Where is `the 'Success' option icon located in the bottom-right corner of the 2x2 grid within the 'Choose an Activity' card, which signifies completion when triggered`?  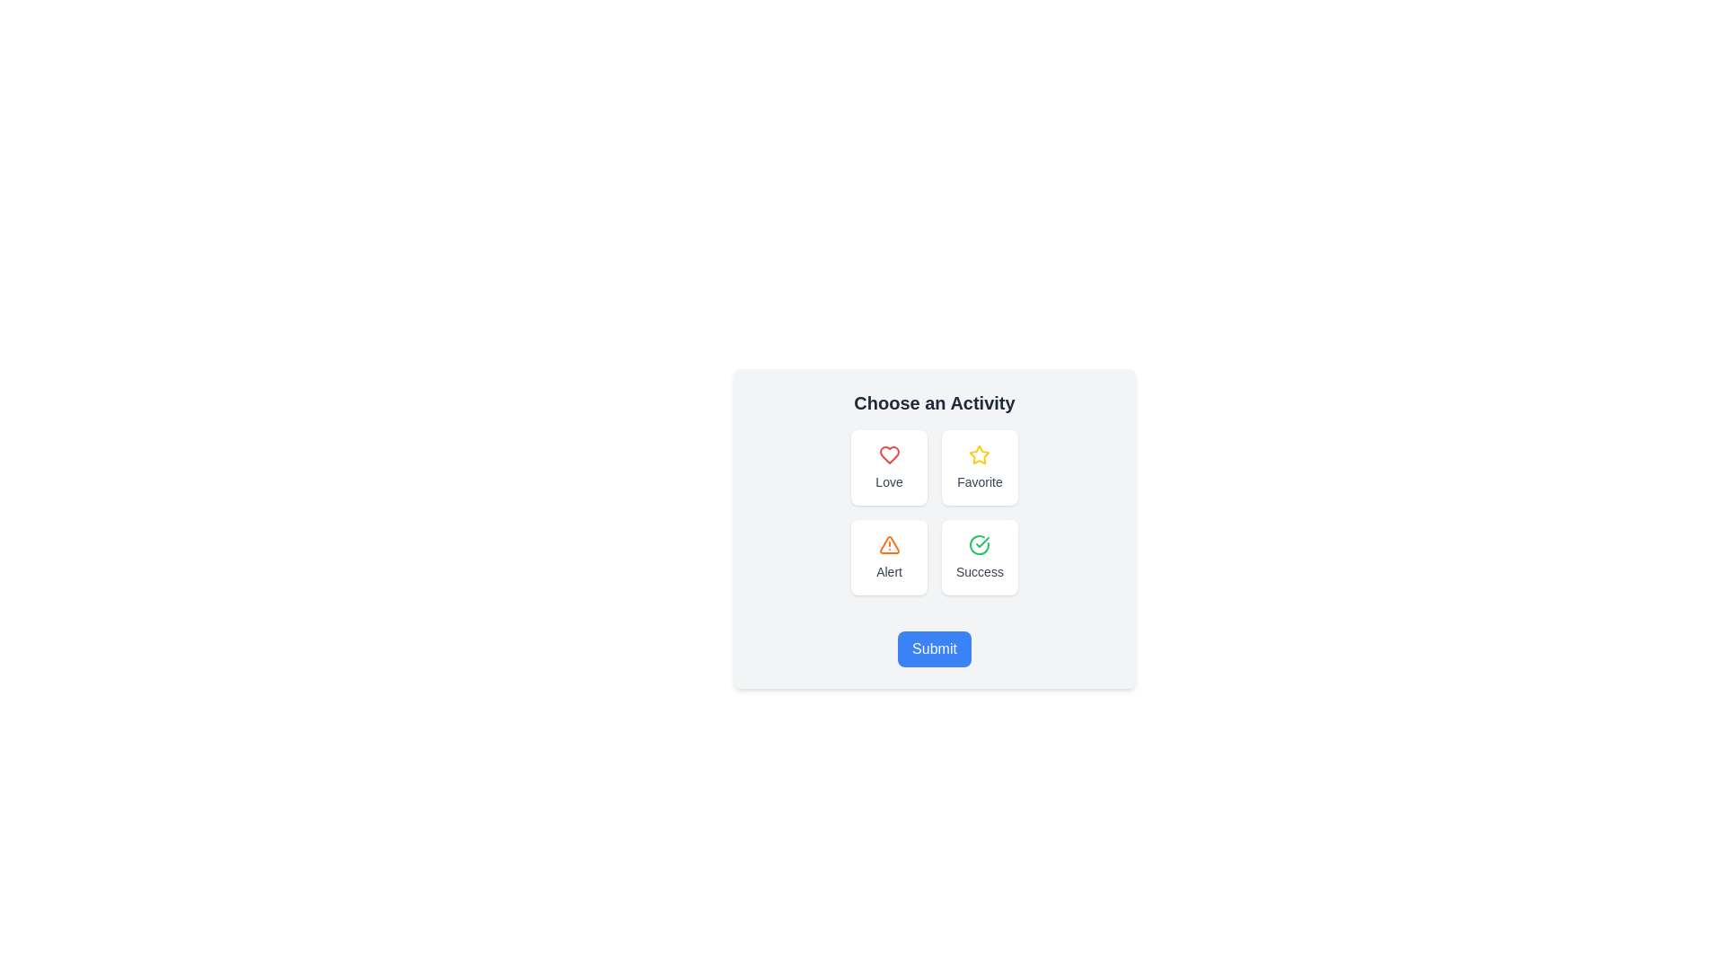
the 'Success' option icon located in the bottom-right corner of the 2x2 grid within the 'Choose an Activity' card, which signifies completion when triggered is located at coordinates (979, 543).